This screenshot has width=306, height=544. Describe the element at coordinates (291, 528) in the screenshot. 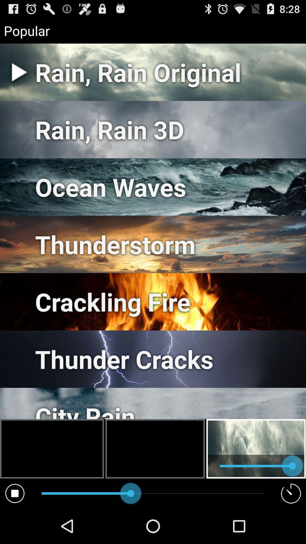

I see `the time icon` at that location.